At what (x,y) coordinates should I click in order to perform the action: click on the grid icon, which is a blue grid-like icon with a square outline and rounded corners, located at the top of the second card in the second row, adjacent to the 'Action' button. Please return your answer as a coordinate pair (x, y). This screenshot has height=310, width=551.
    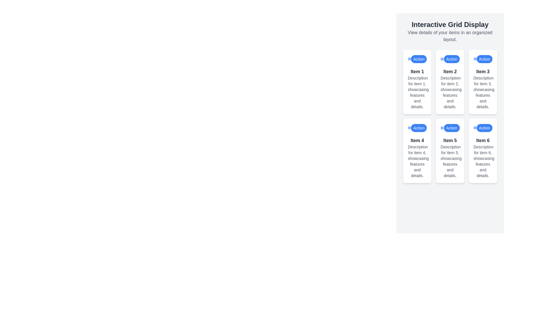
    Looking at the image, I should click on (442, 59).